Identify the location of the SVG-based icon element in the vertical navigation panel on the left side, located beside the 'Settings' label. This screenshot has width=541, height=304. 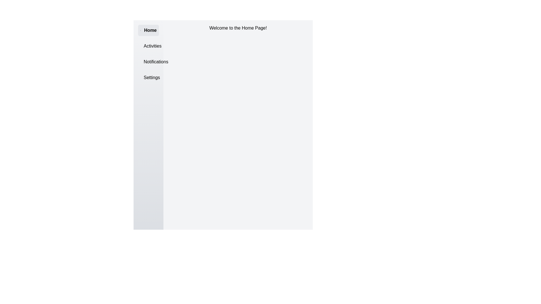
(143, 78).